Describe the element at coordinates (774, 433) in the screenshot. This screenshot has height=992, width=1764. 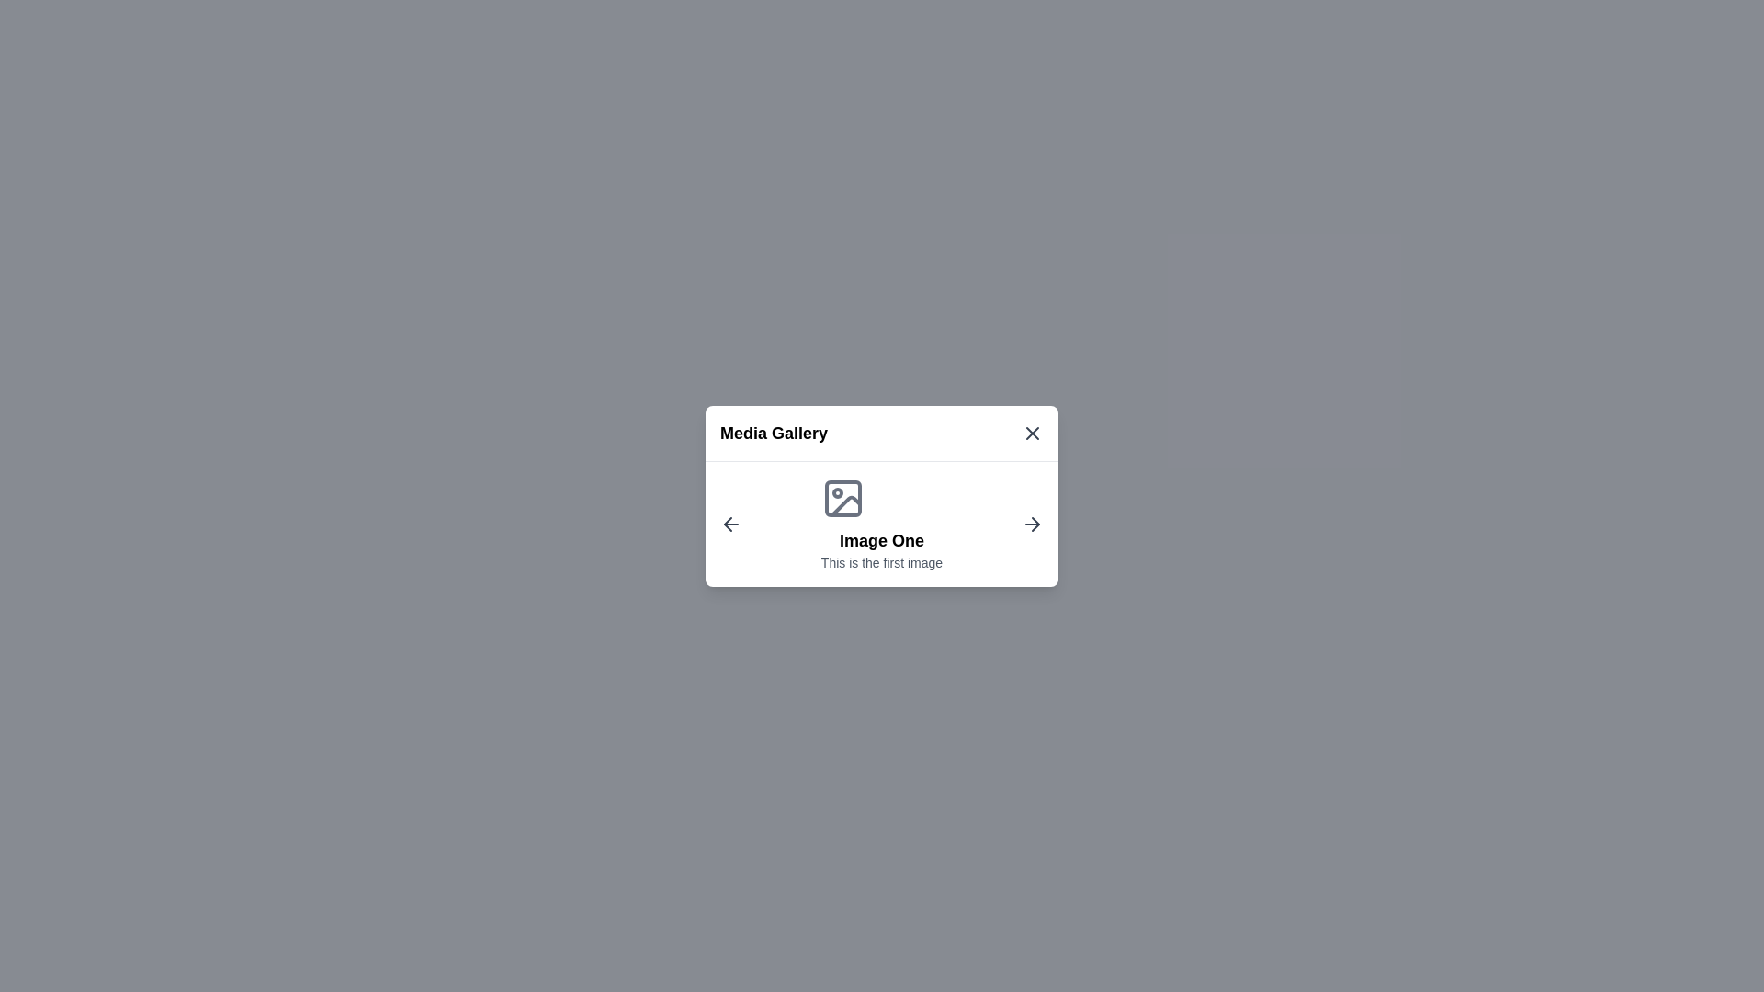
I see `the 'Media Gallery' title text, which is a bold, larger sans-serif label located at the top left of the header bar in the media gallery dialog` at that location.